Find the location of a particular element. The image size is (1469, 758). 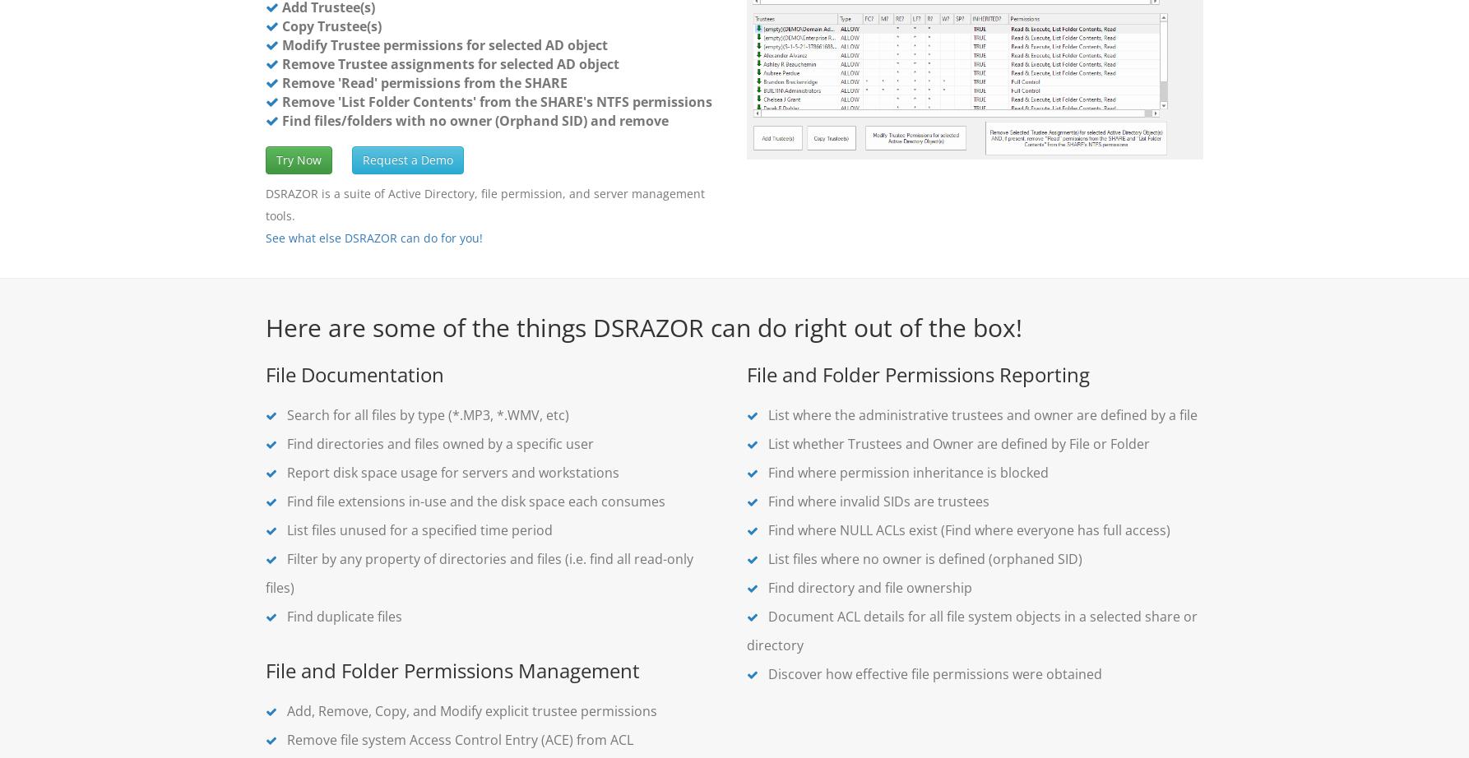

'Search for all files by type (*.MP3, *.WMV, etc)' is located at coordinates (425, 414).